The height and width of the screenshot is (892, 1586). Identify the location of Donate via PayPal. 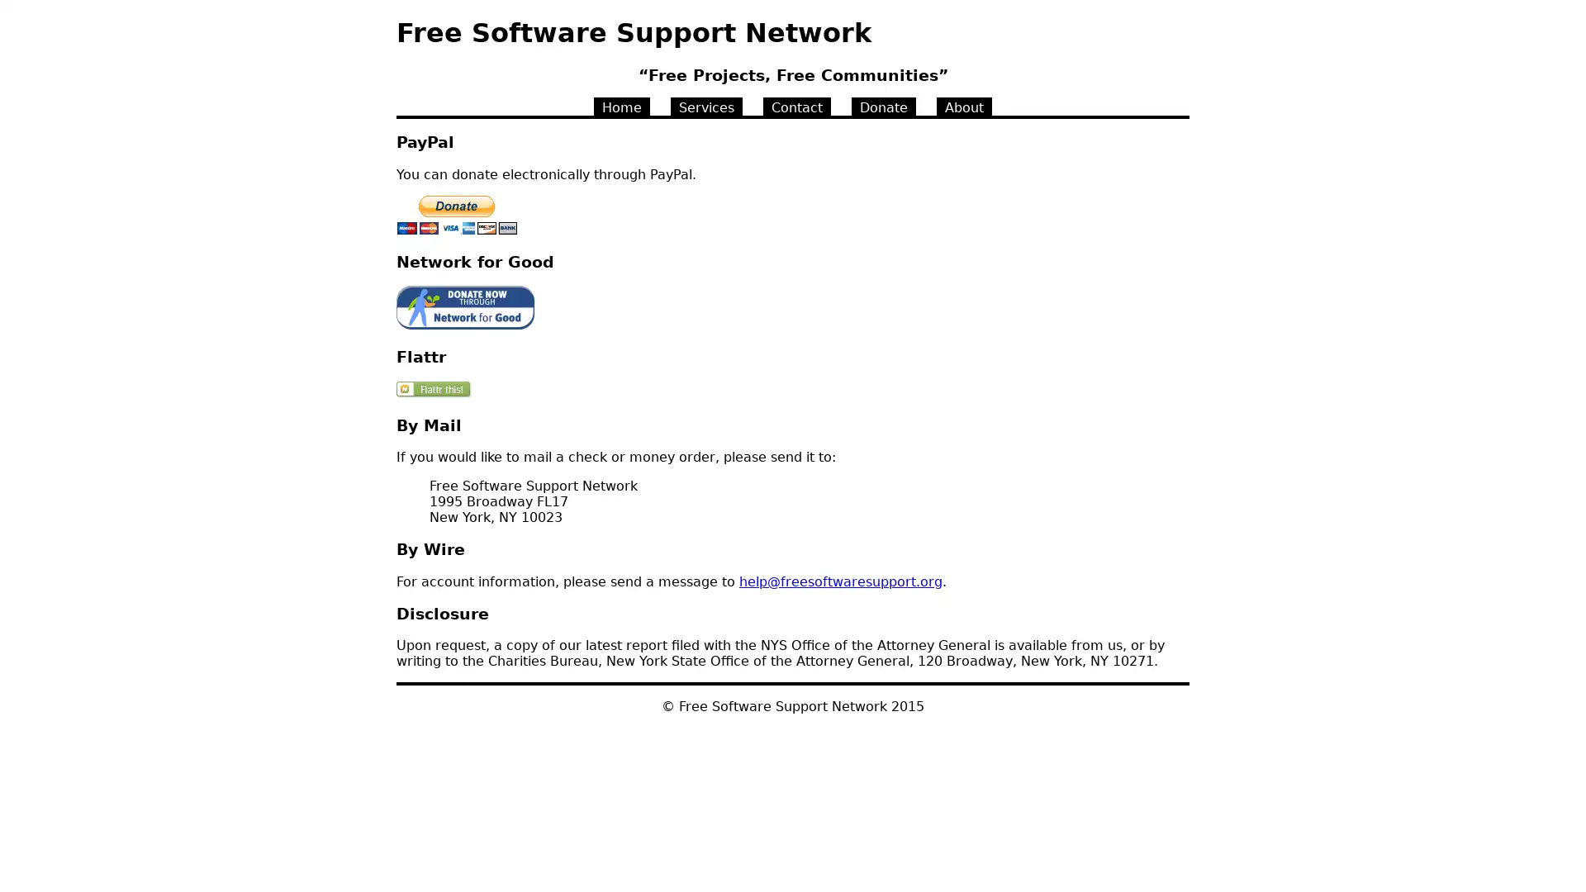
(457, 214).